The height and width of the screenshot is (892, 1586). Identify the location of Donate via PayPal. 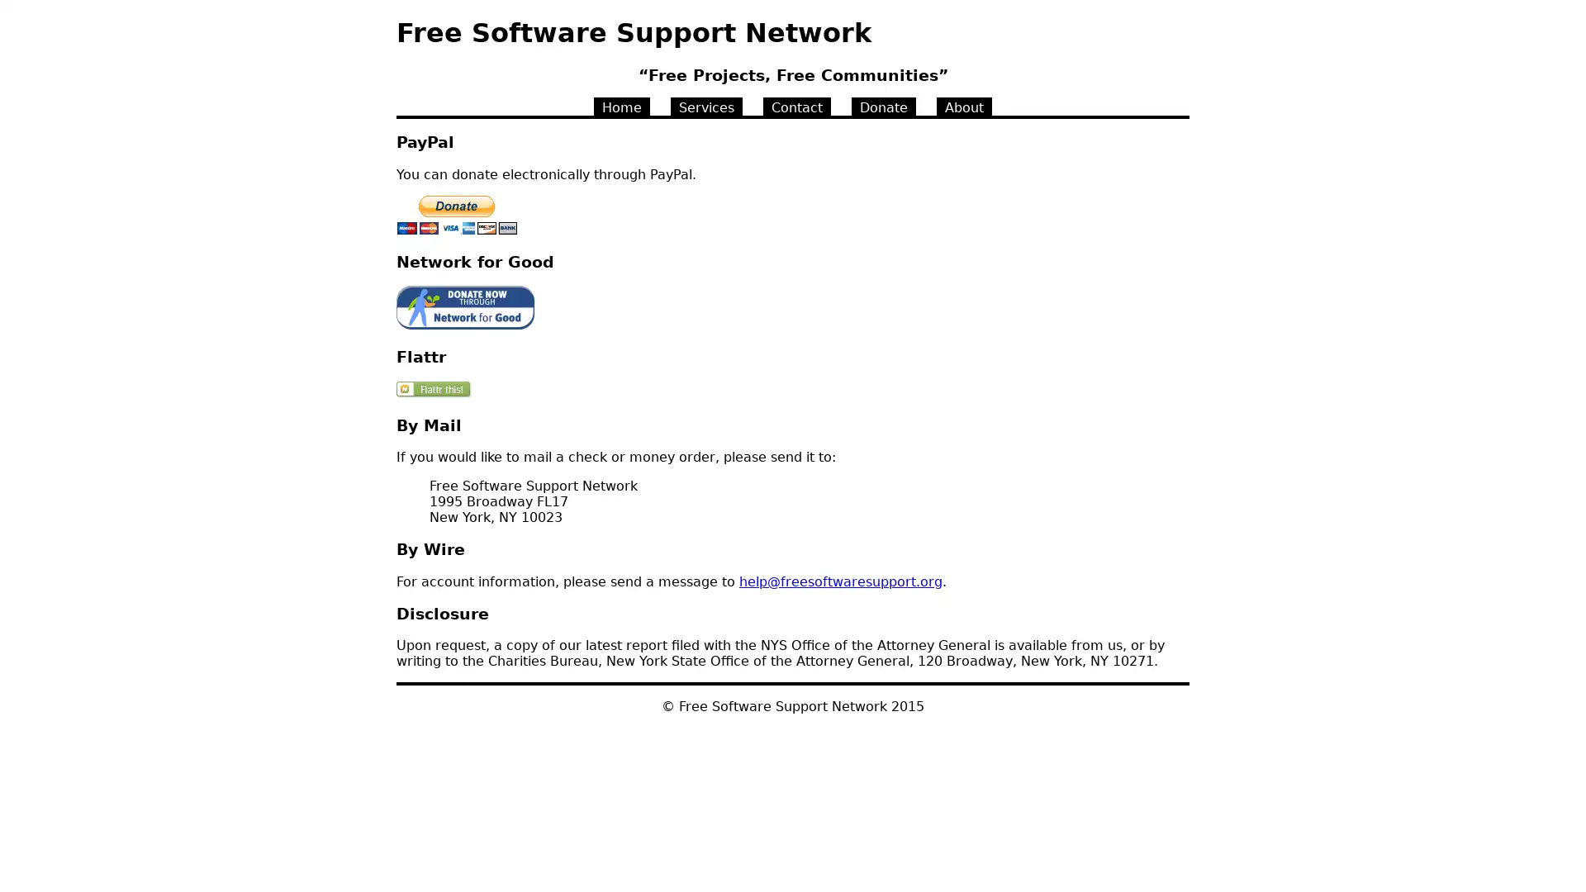
(457, 214).